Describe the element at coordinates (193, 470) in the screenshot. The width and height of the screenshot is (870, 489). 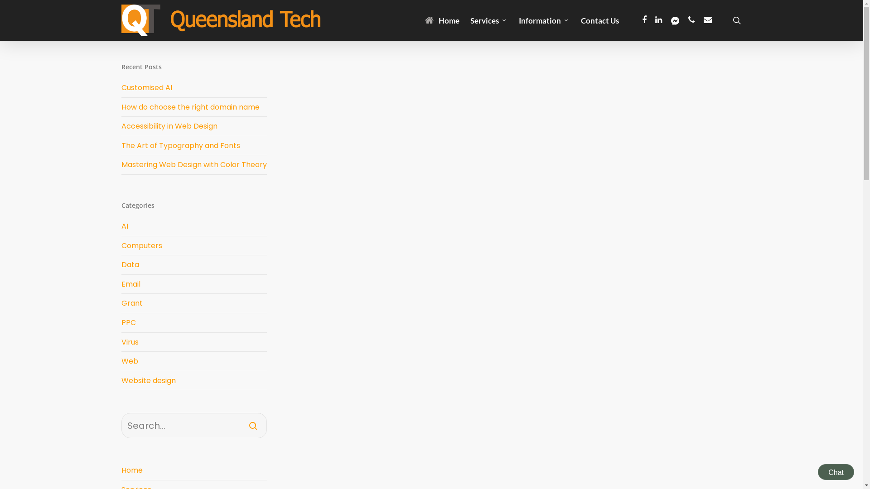
I see `'Home'` at that location.